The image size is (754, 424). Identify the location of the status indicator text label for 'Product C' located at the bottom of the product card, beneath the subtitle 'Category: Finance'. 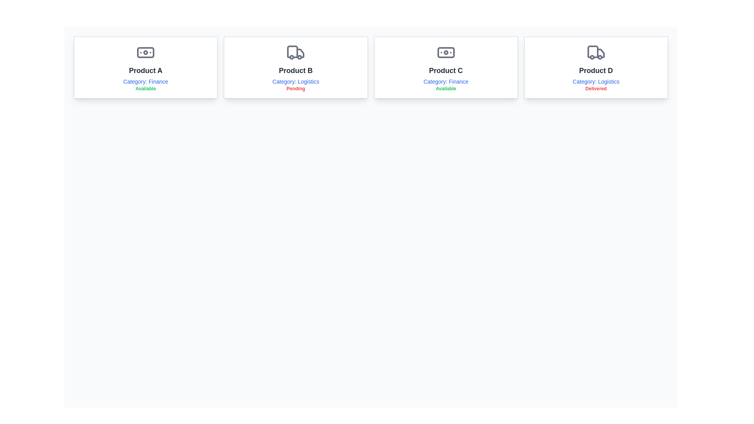
(446, 88).